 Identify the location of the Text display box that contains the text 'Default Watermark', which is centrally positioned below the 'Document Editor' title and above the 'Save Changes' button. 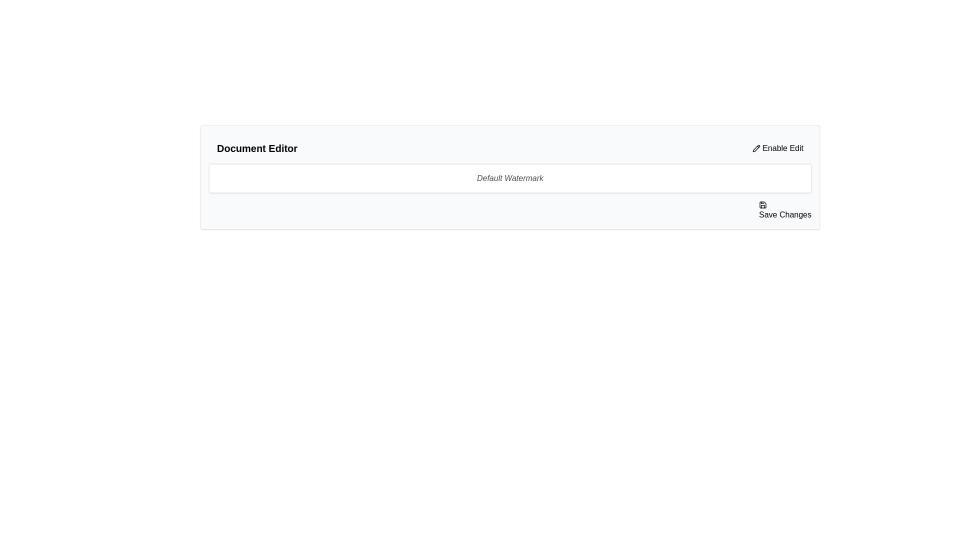
(510, 178).